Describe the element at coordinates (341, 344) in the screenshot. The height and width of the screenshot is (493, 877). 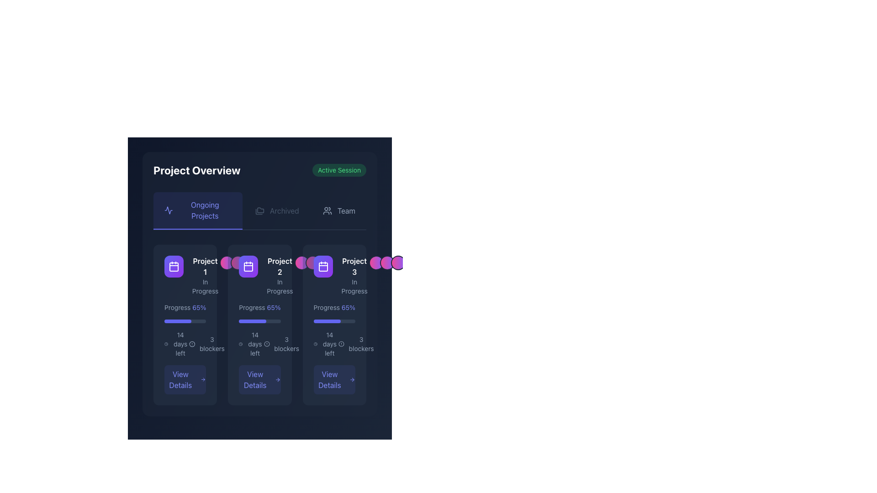
I see `the circular shape within the SVG graphic that serves as a notification or warning cue, located to the right of the 'Project 3' card in the 'Ongoing Projects' section` at that location.